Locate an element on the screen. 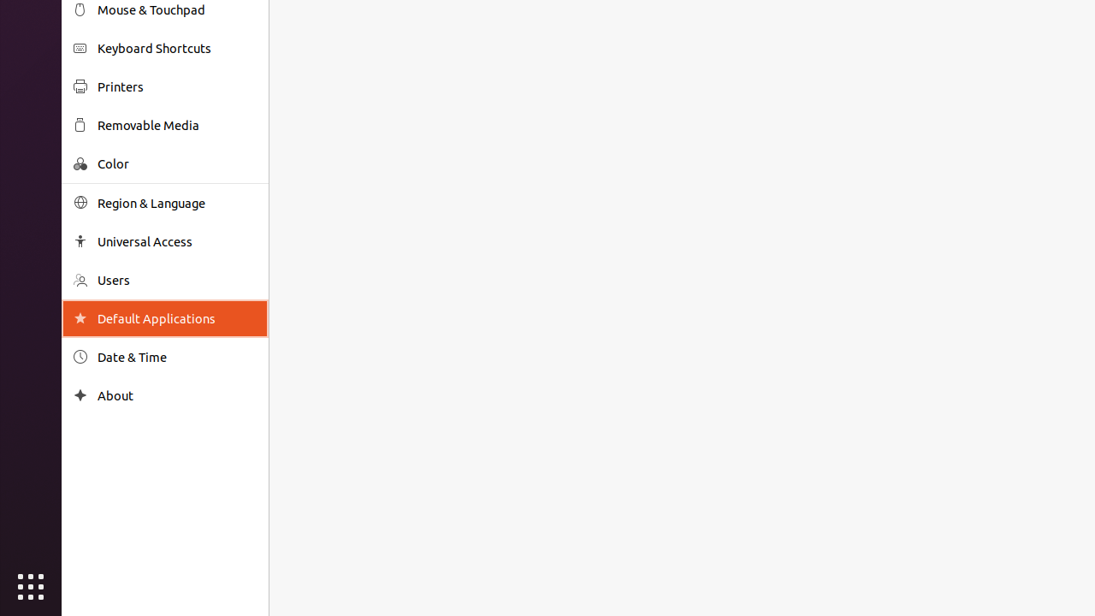  'Color' is located at coordinates (176, 163).